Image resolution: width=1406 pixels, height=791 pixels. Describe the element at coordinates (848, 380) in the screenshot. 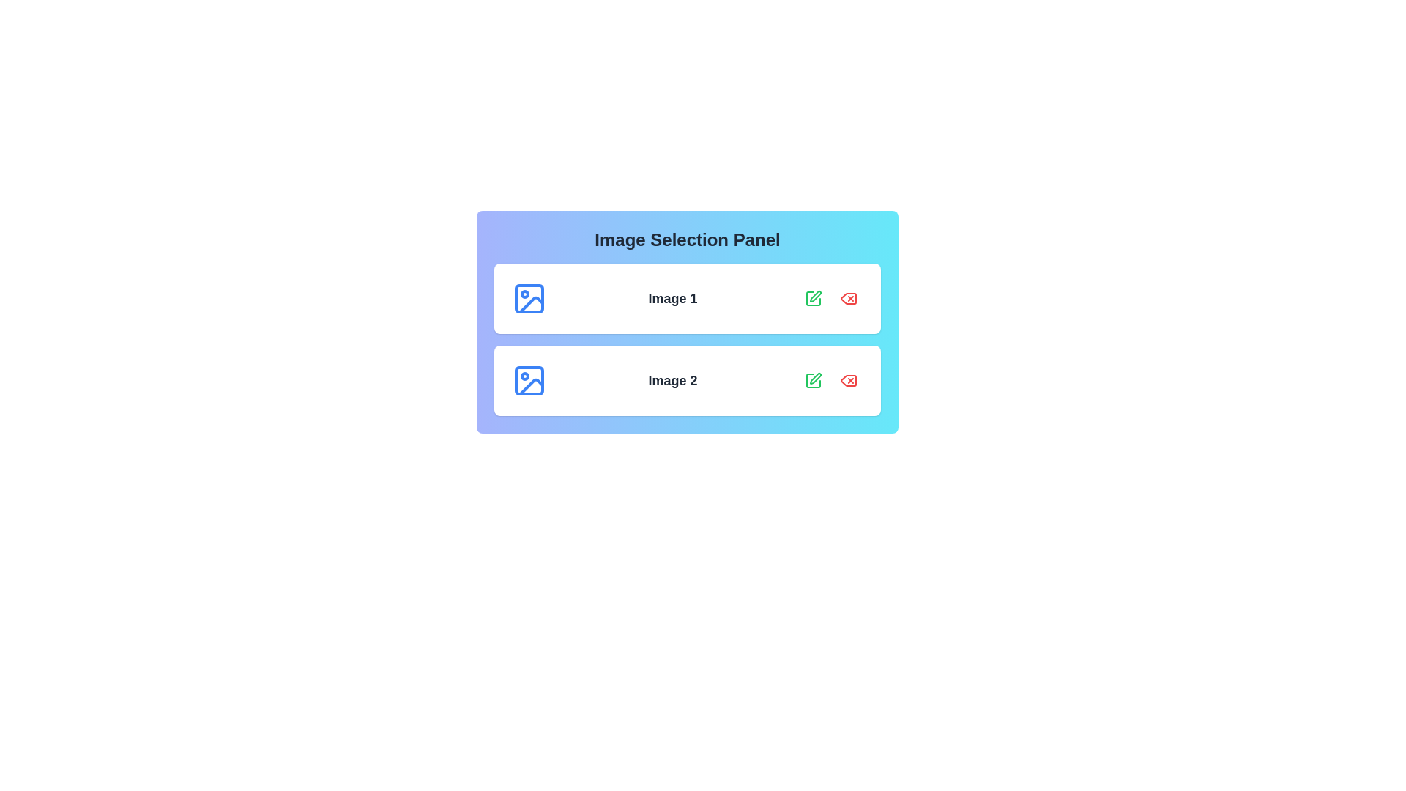

I see `the red trash can icon in the second row of the 'Image Selection Panel'` at that location.